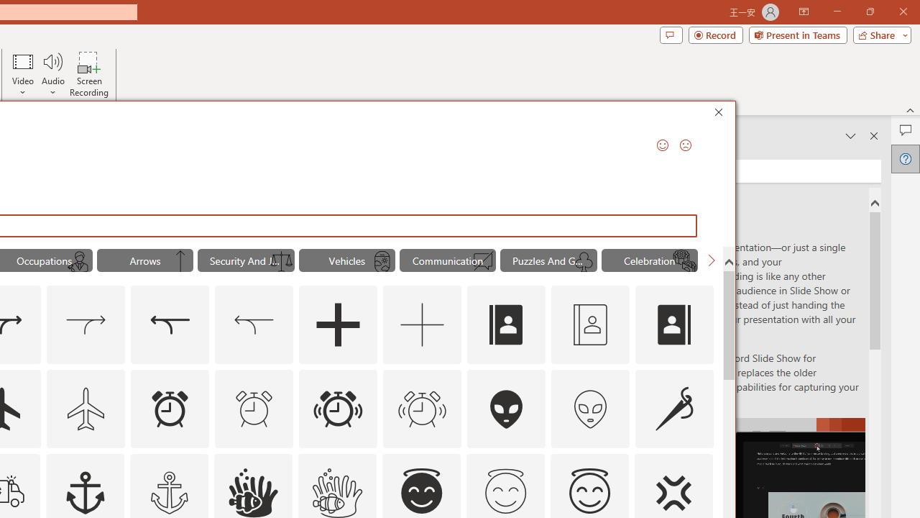  What do you see at coordinates (254, 325) in the screenshot?
I see `'AutomationID: Icons_Acquisition_RTL_M'` at bounding box center [254, 325].